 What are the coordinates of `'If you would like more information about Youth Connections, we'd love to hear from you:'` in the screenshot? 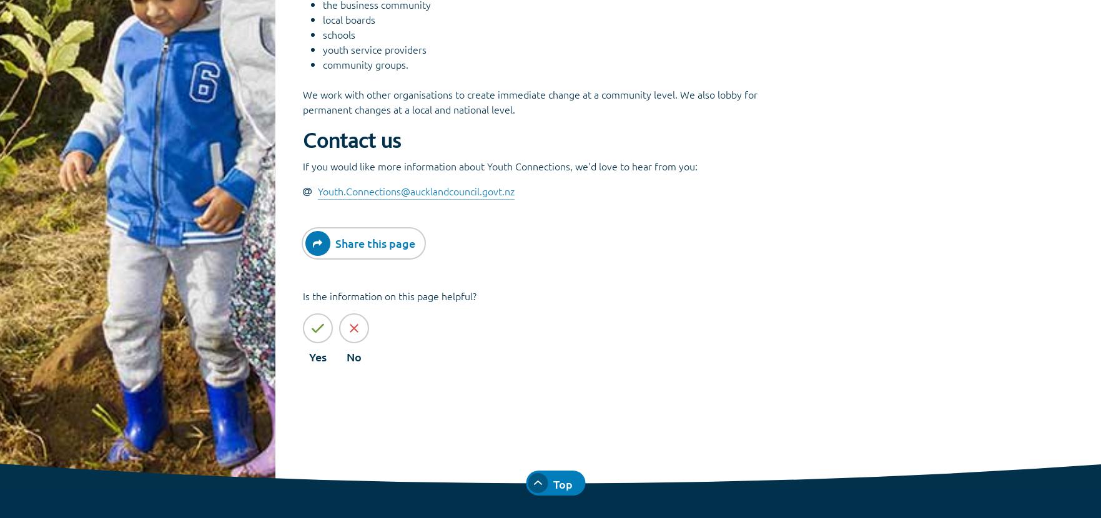 It's located at (302, 166).